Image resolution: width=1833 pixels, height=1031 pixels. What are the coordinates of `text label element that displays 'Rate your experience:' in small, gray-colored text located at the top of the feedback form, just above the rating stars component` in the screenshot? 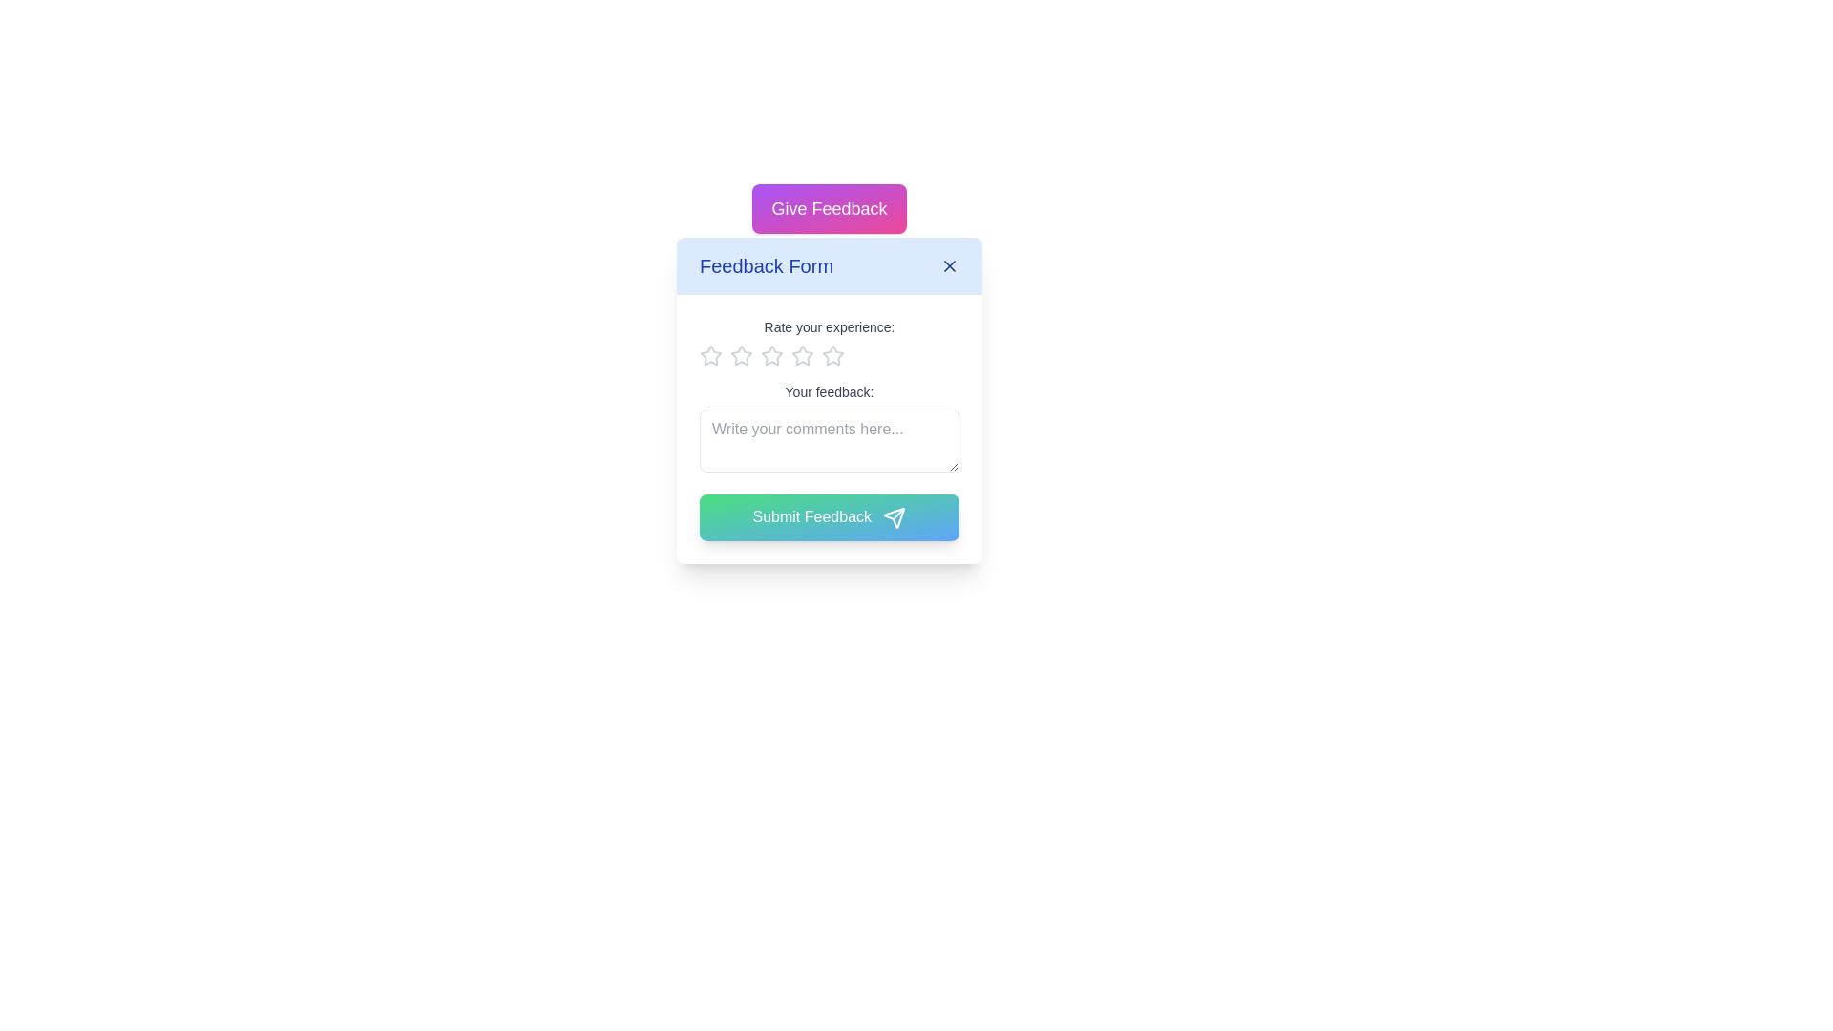 It's located at (829, 326).